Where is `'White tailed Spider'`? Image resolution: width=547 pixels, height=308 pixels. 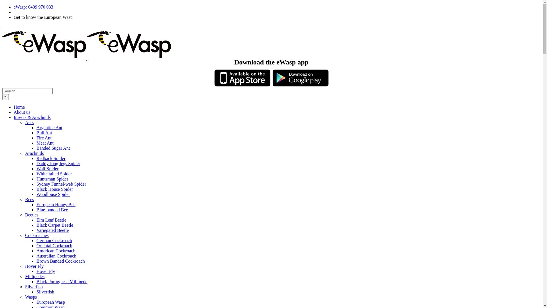
'White tailed Spider' is located at coordinates (36, 173).